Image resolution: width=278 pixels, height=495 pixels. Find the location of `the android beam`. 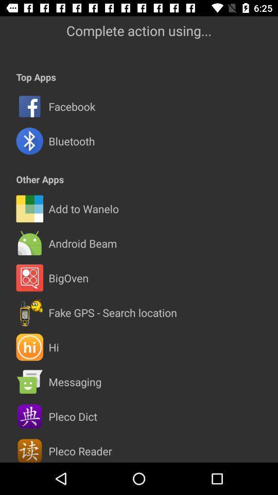

the android beam is located at coordinates (82, 243).